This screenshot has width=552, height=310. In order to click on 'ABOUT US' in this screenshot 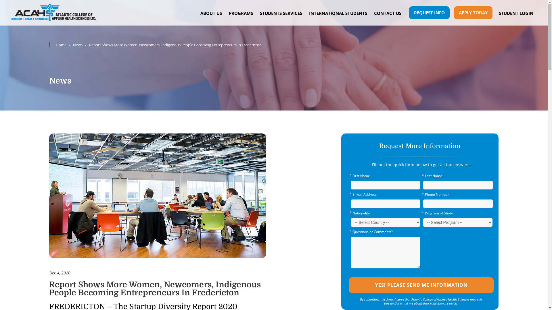, I will do `click(211, 13)`.